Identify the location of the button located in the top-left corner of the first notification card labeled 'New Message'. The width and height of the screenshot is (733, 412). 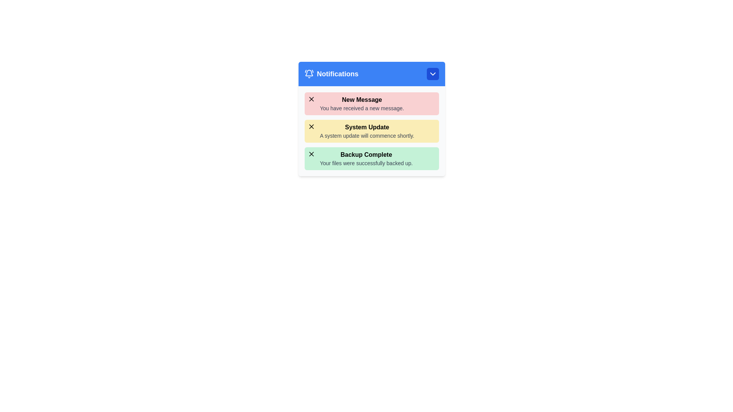
(312, 98).